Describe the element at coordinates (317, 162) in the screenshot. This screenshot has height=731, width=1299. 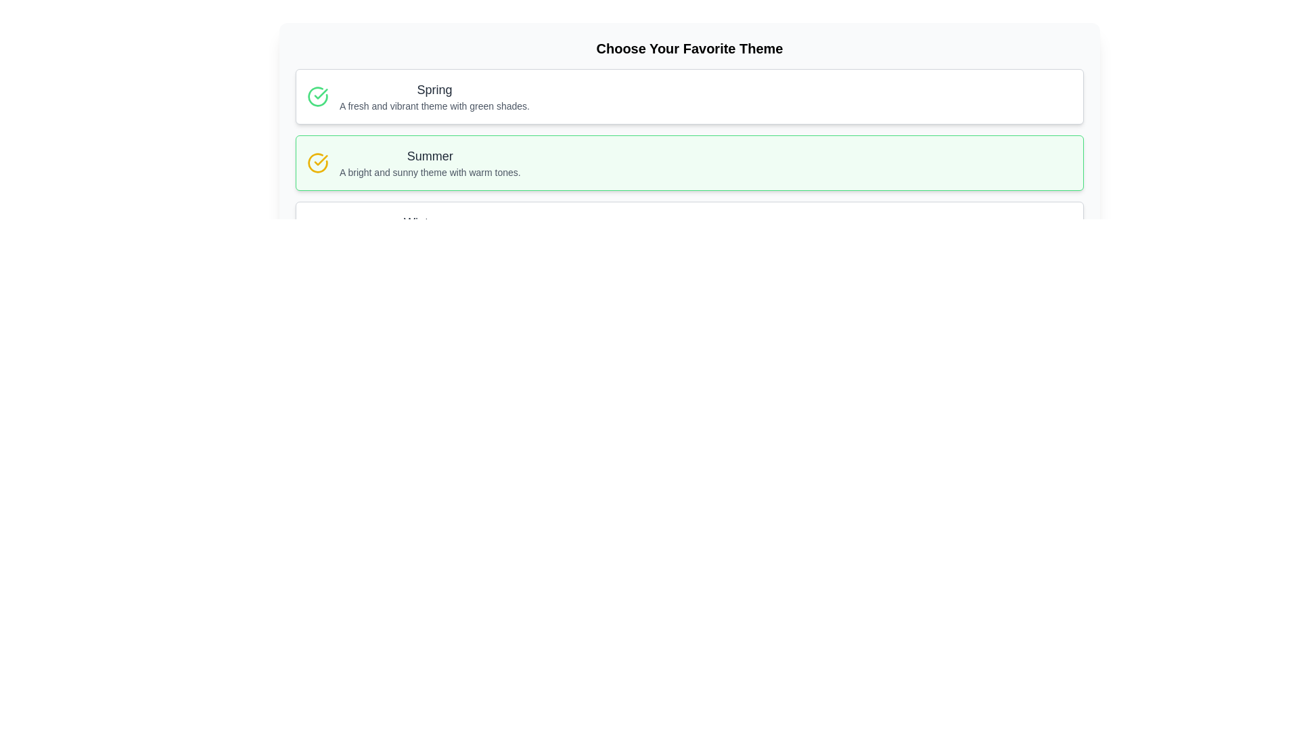
I see `the upper semicircle of the checked icon indicating that the 'Summer' option is selected within the theme selection interface for additional information or effects` at that location.